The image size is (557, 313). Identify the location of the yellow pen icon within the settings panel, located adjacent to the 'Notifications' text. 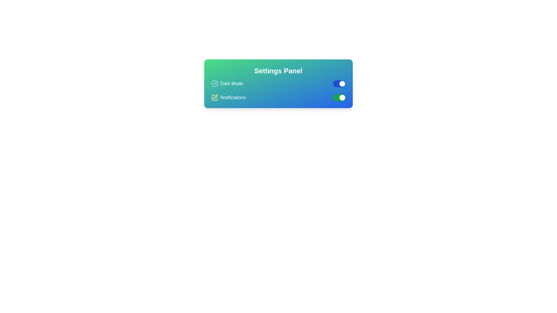
(214, 97).